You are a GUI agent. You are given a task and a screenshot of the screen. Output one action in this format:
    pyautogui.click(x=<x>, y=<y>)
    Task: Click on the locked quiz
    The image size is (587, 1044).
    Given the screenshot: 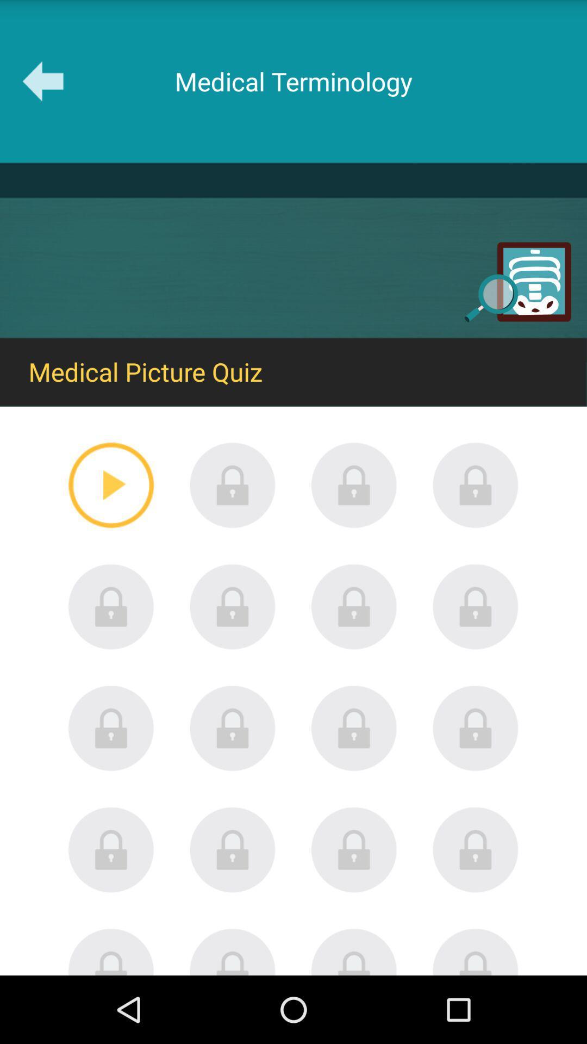 What is the action you would take?
    pyautogui.click(x=475, y=849)
    